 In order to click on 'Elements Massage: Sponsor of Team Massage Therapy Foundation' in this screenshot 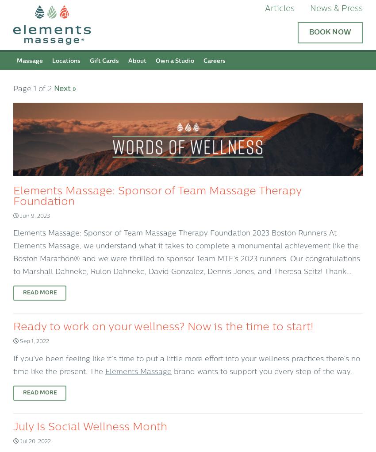, I will do `click(157, 197)`.